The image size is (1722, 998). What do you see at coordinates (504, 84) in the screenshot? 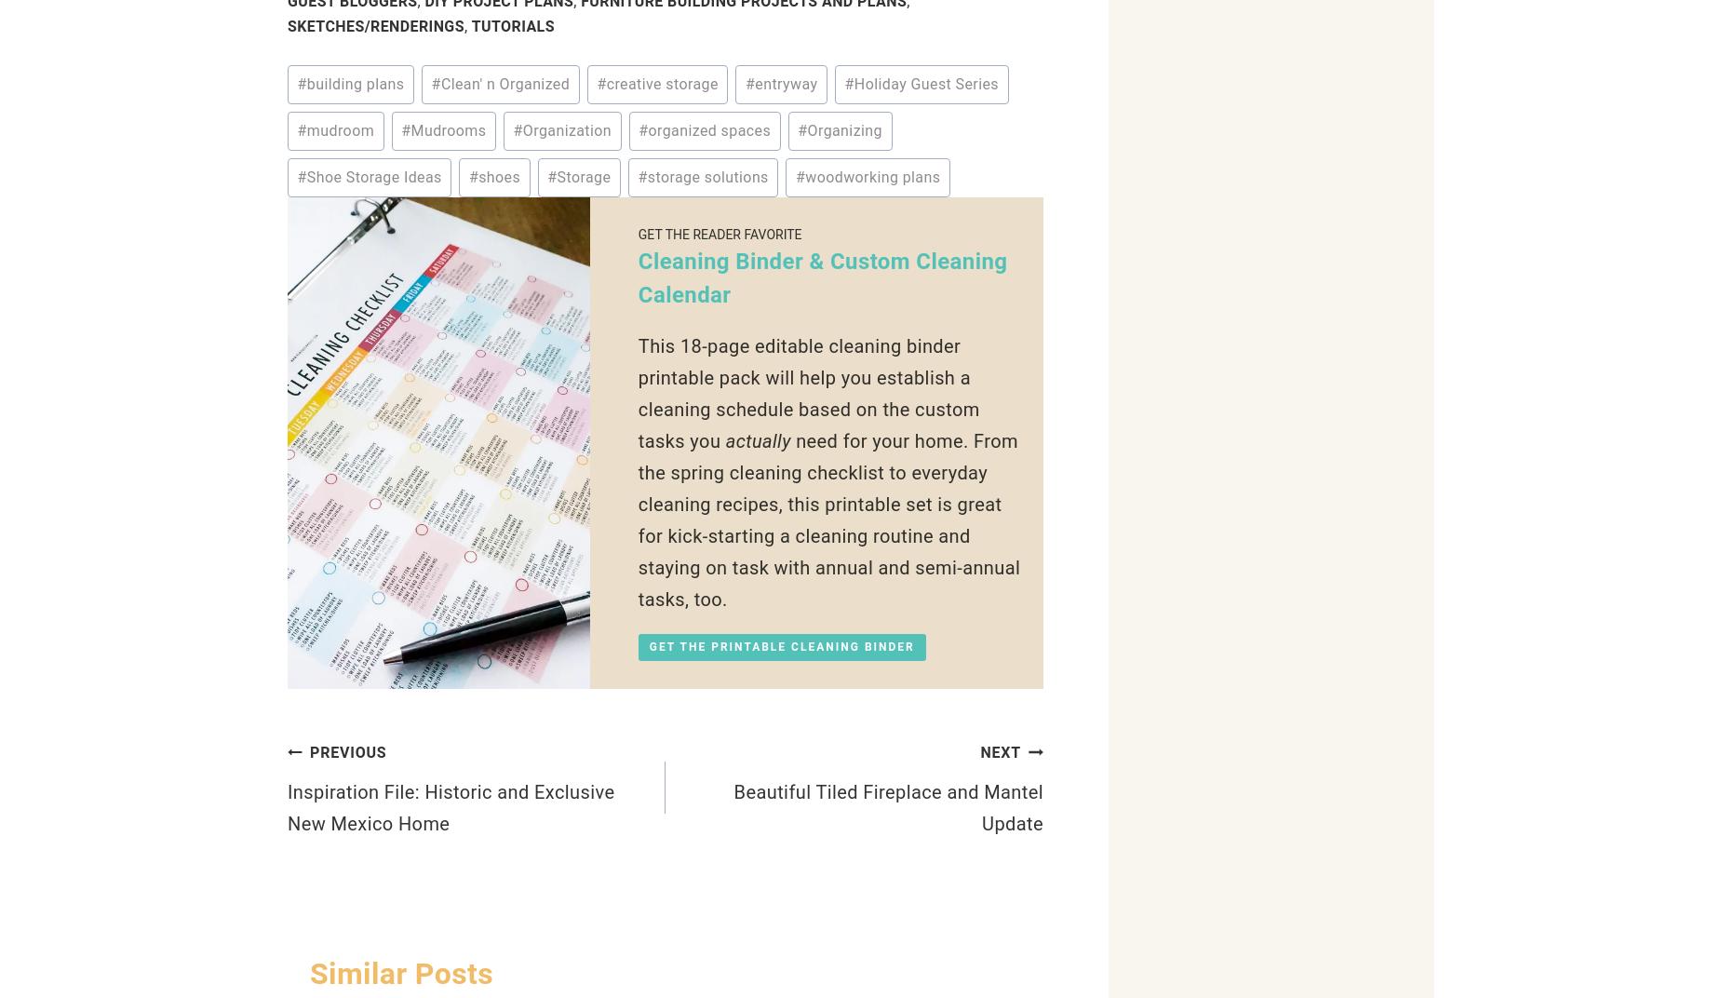
I see `'Clean' n Organized'` at bounding box center [504, 84].